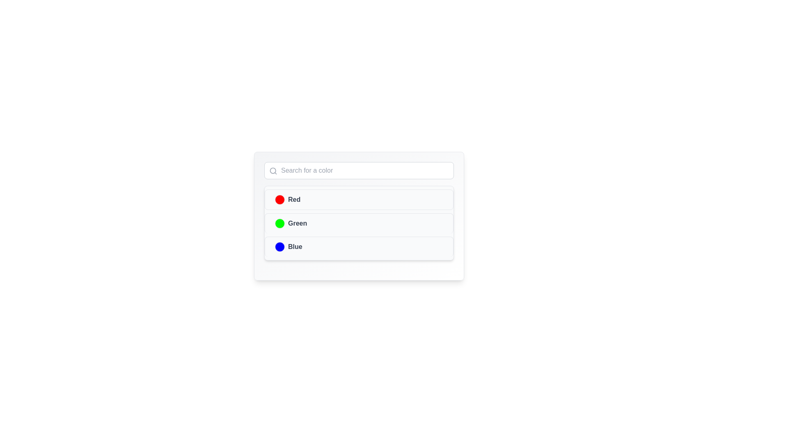  What do you see at coordinates (279, 223) in the screenshot?
I see `the non-interactive green color indicator, which is a circular element with a vibrant green fill and a thin gray outline, located to the left of the 'Green' text in the list of colored items` at bounding box center [279, 223].